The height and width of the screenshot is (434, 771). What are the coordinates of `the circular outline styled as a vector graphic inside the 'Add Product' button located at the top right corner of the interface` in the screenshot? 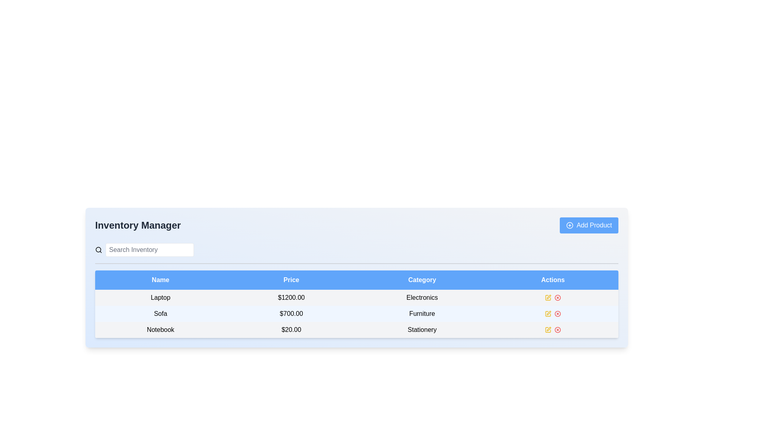 It's located at (569, 225).